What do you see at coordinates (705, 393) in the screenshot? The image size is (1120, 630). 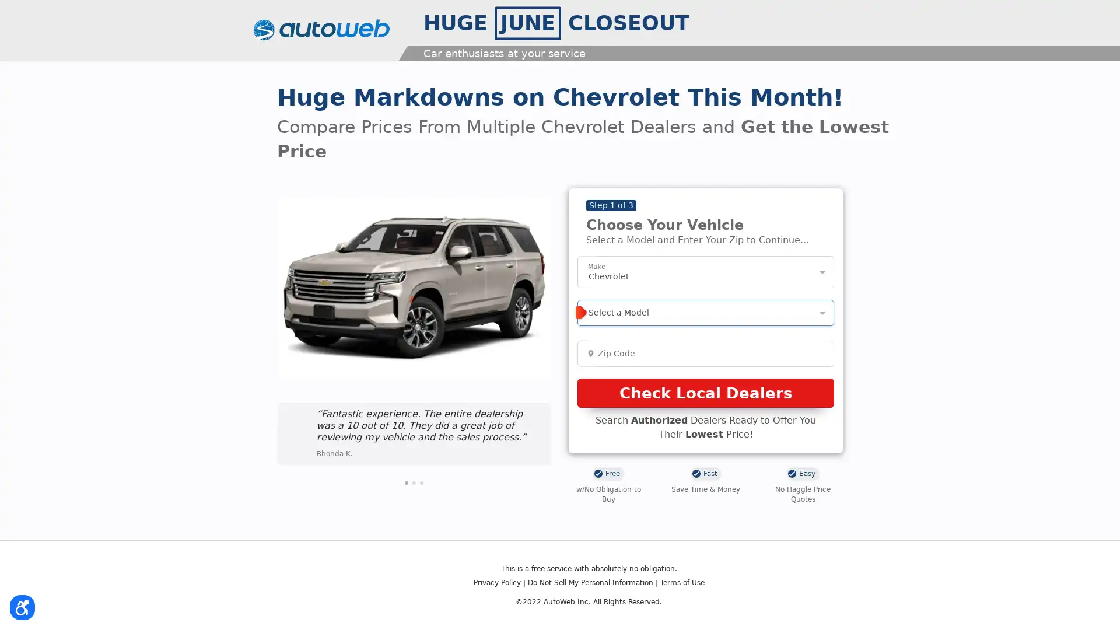 I see `Check Local Dealers` at bounding box center [705, 393].